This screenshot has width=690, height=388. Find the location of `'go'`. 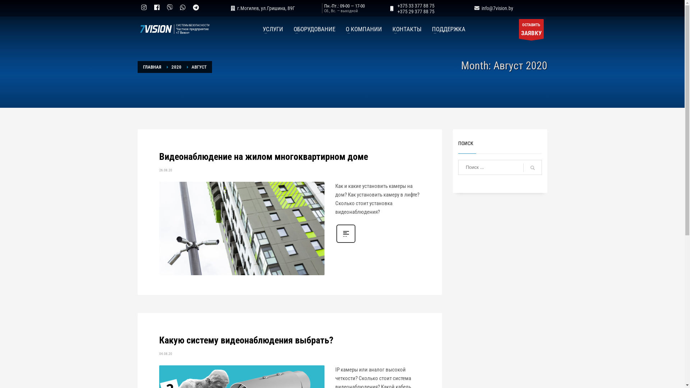

'go' is located at coordinates (523, 167).